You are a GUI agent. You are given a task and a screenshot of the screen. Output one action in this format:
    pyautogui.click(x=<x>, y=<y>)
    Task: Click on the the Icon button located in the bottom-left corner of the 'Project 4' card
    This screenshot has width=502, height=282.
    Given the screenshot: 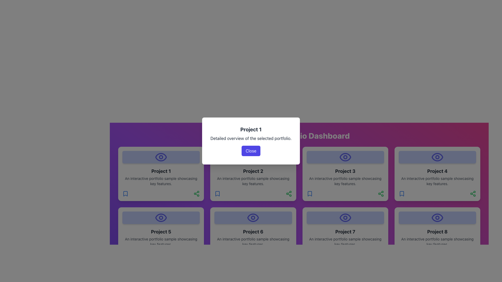 What is the action you would take?
    pyautogui.click(x=401, y=193)
    